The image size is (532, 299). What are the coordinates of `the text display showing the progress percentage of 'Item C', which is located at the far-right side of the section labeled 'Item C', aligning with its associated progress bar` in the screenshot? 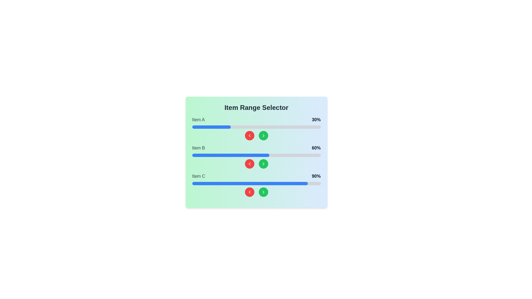 It's located at (316, 176).